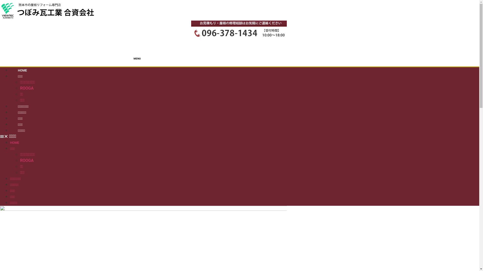 The image size is (483, 271). I want to click on 'HOME', so click(10, 143).